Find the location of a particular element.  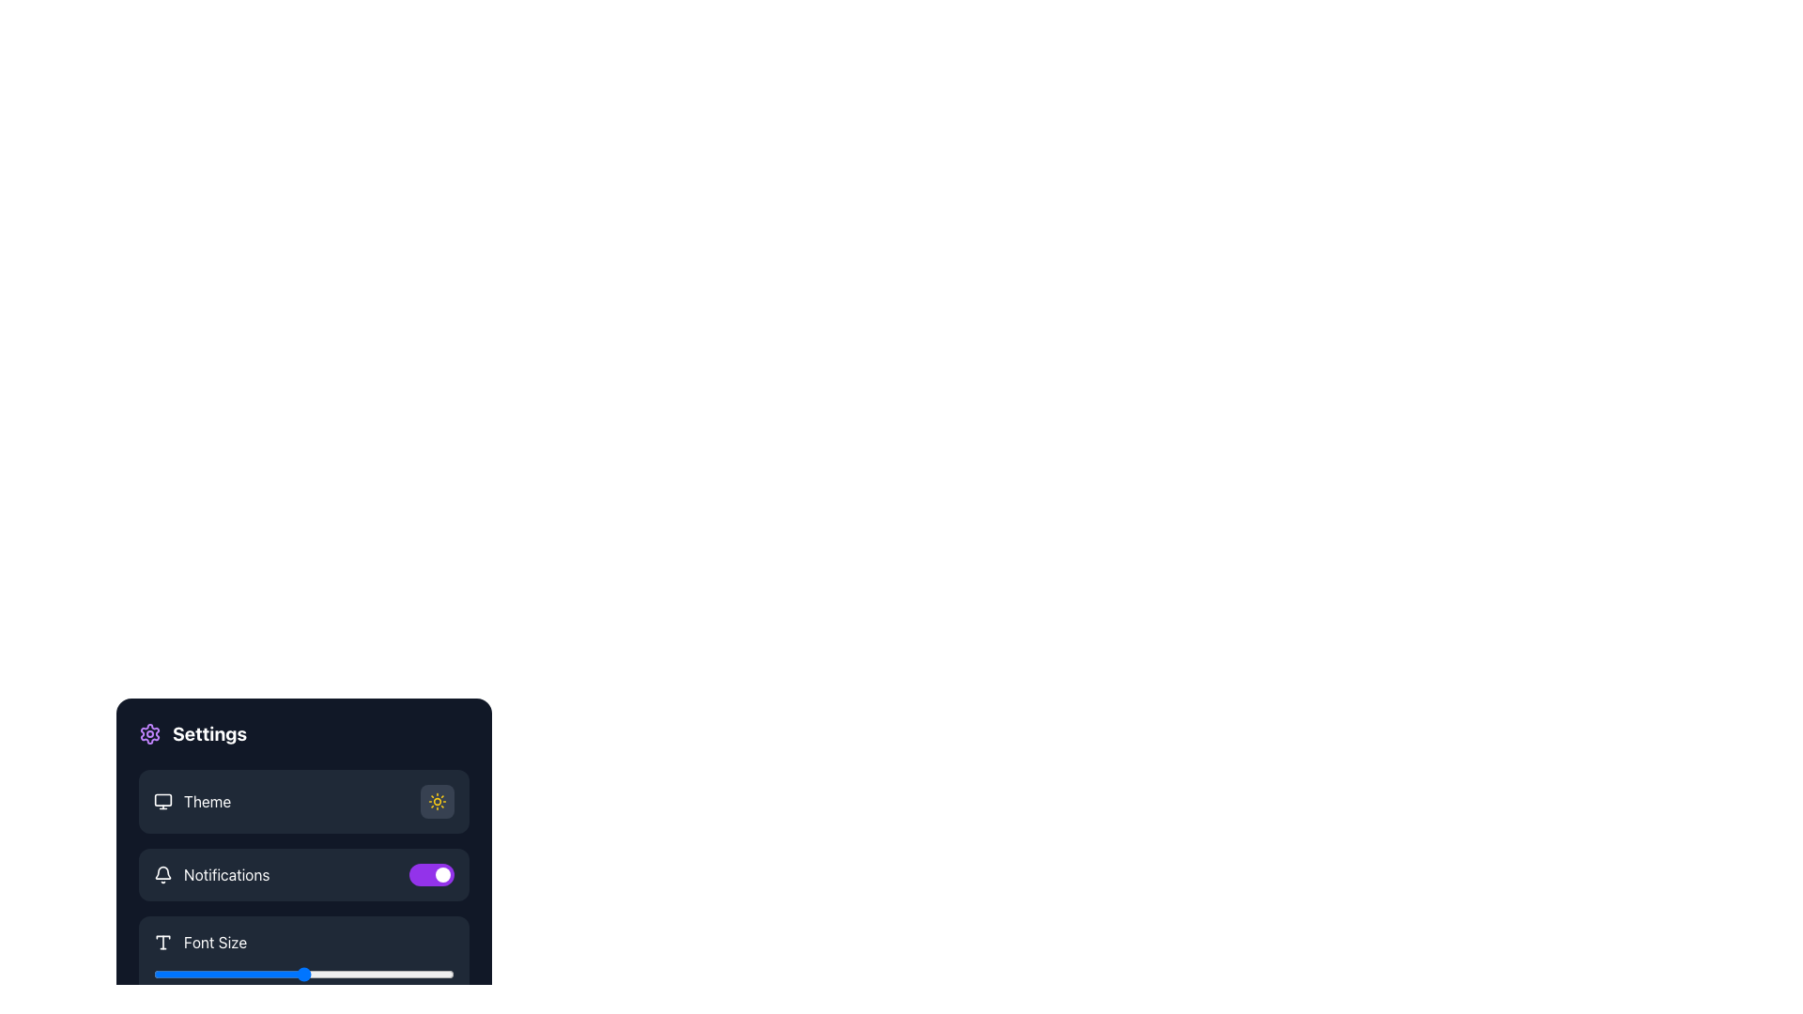

the Decorative graphic component located inside the monitor icon in the top-left corner of the settings panel is located at coordinates (162, 800).